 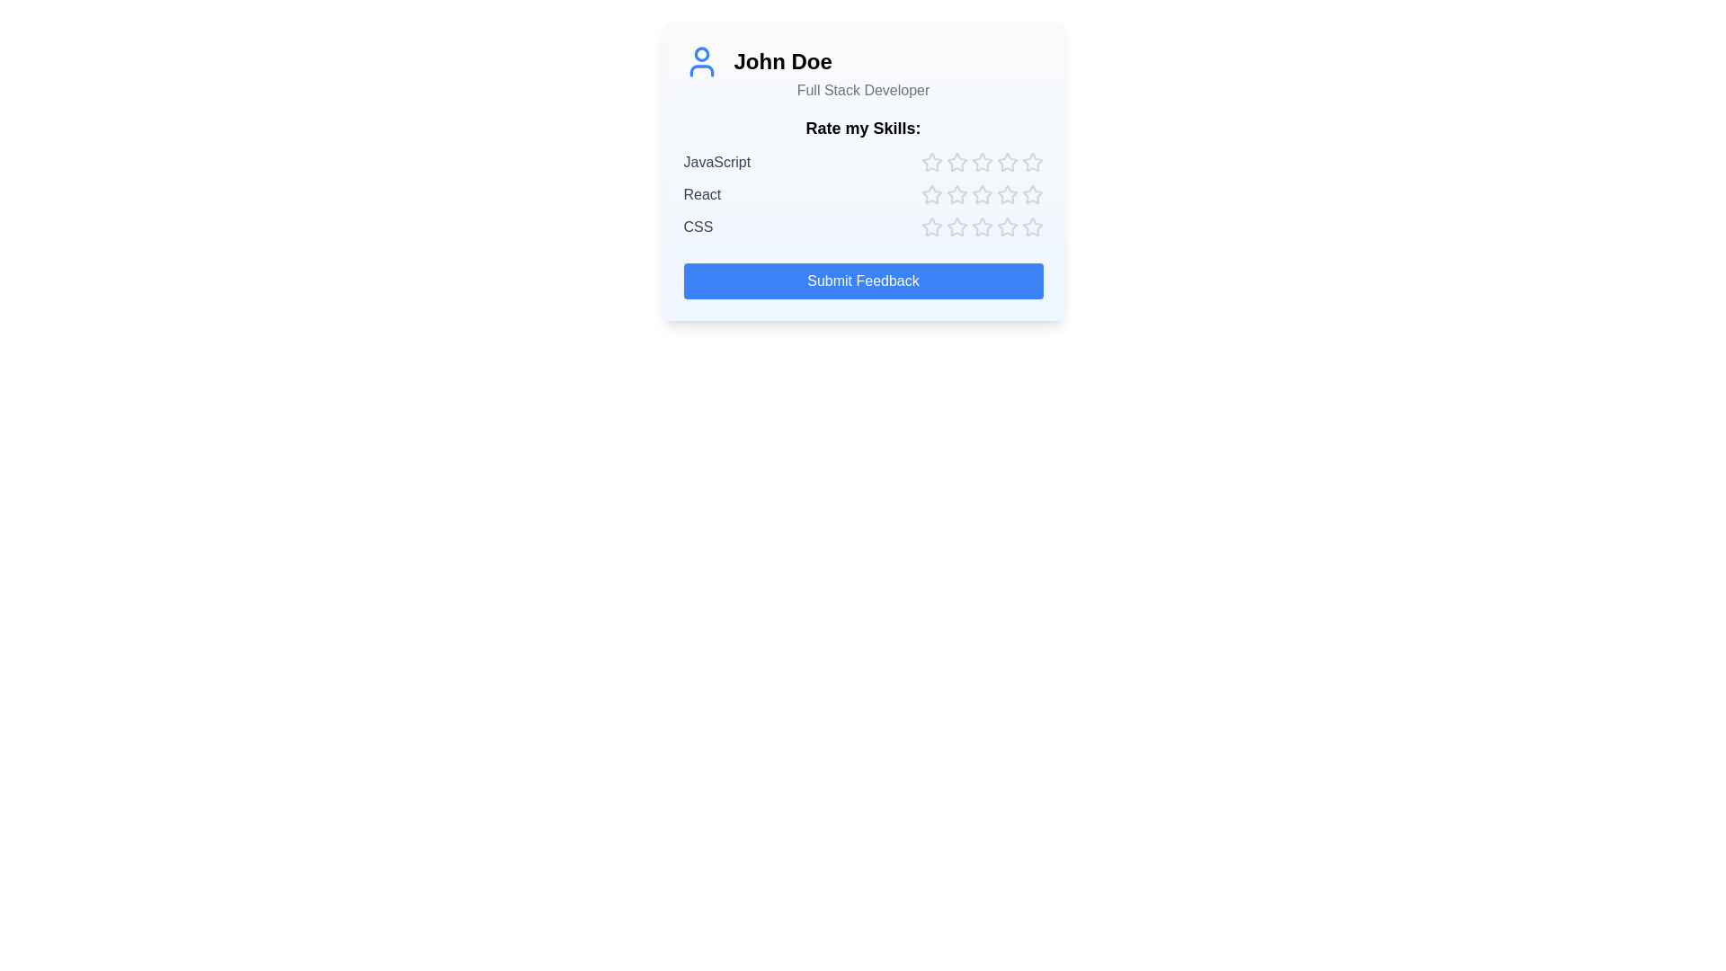 I want to click on the star corresponding to skill React and rating 4, so click(x=1007, y=194).